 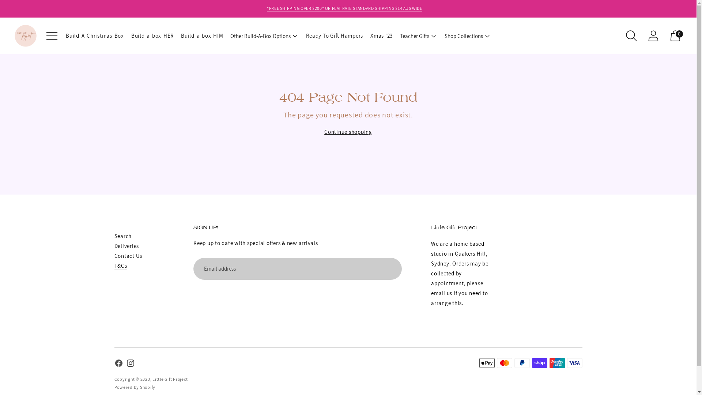 I want to click on 'Xmas '23', so click(x=381, y=35).